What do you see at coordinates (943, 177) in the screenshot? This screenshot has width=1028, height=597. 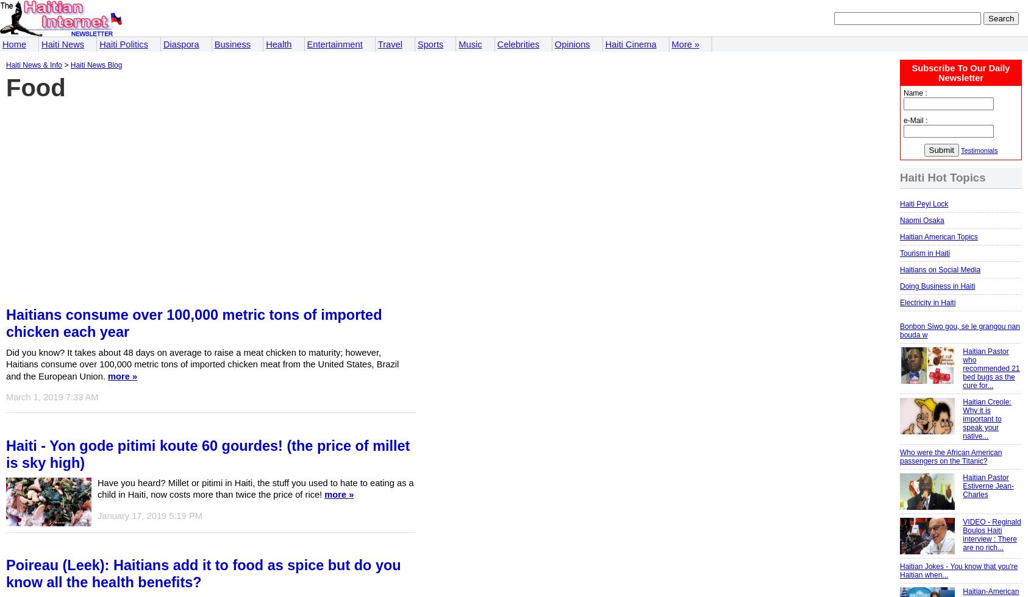 I see `'Haiti Hot Topics'` at bounding box center [943, 177].